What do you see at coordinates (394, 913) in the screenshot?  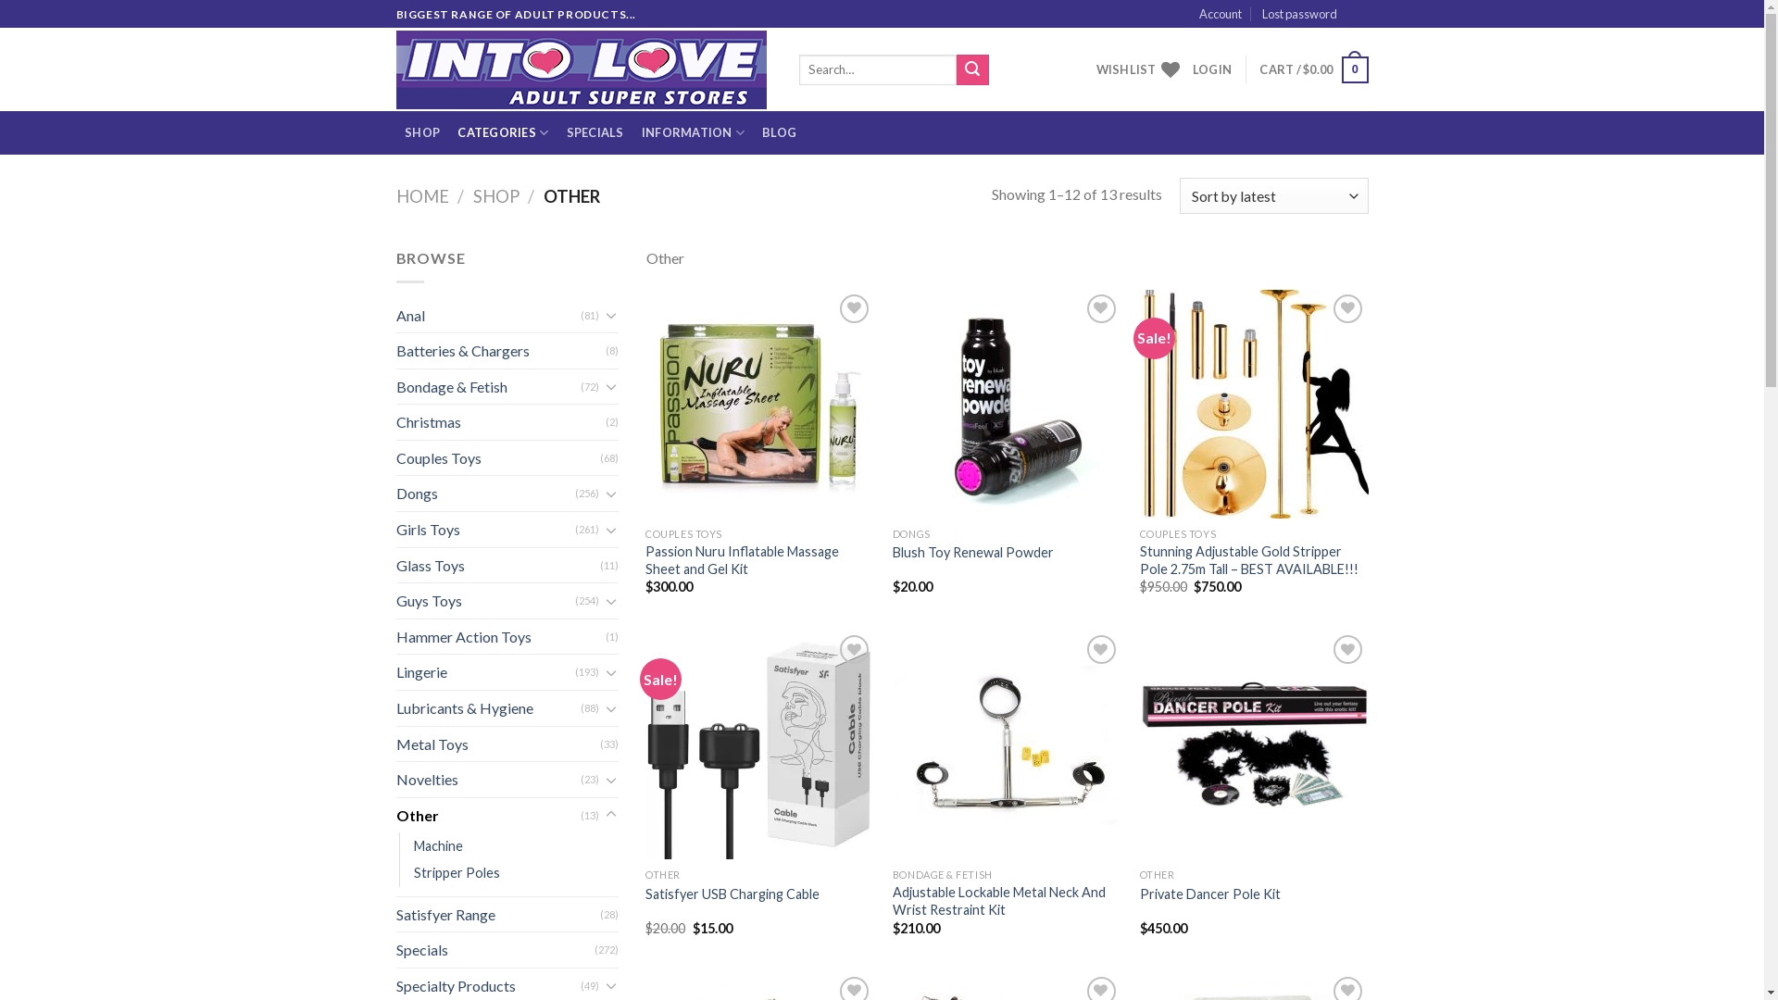 I see `'Satisfyer Range'` at bounding box center [394, 913].